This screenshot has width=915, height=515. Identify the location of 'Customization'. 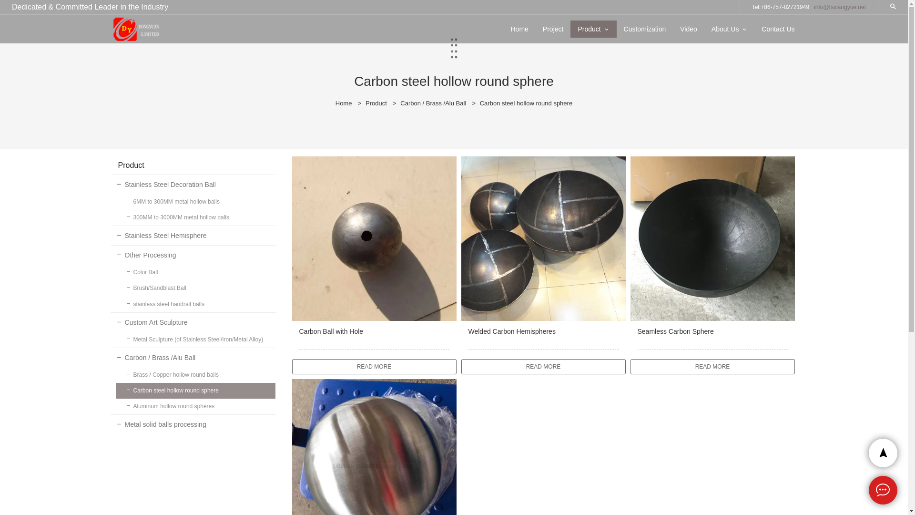
(645, 29).